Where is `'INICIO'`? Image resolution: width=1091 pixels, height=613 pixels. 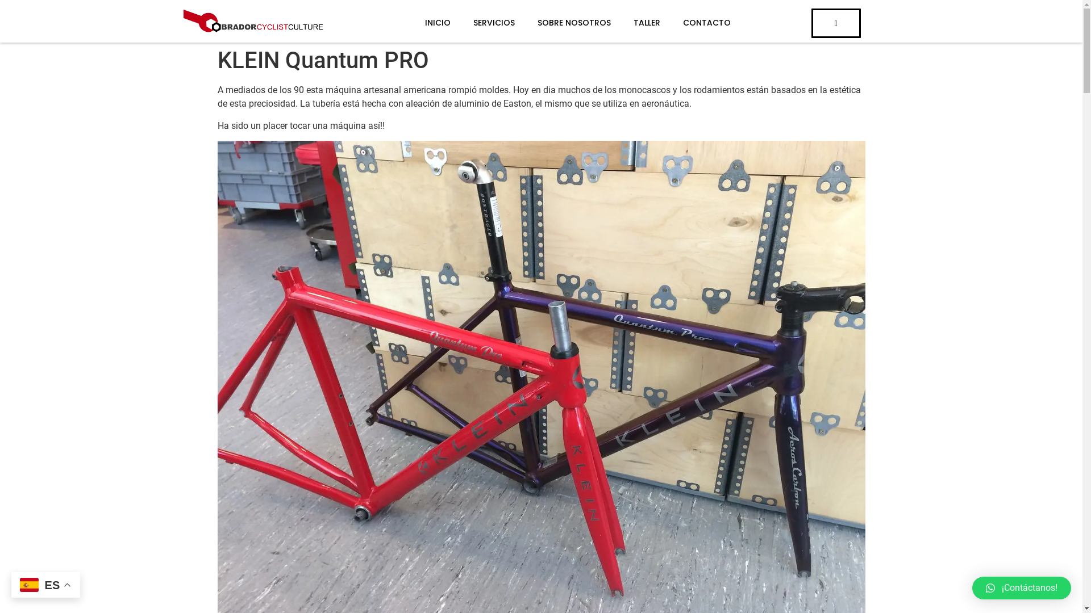
'INICIO' is located at coordinates (426, 23).